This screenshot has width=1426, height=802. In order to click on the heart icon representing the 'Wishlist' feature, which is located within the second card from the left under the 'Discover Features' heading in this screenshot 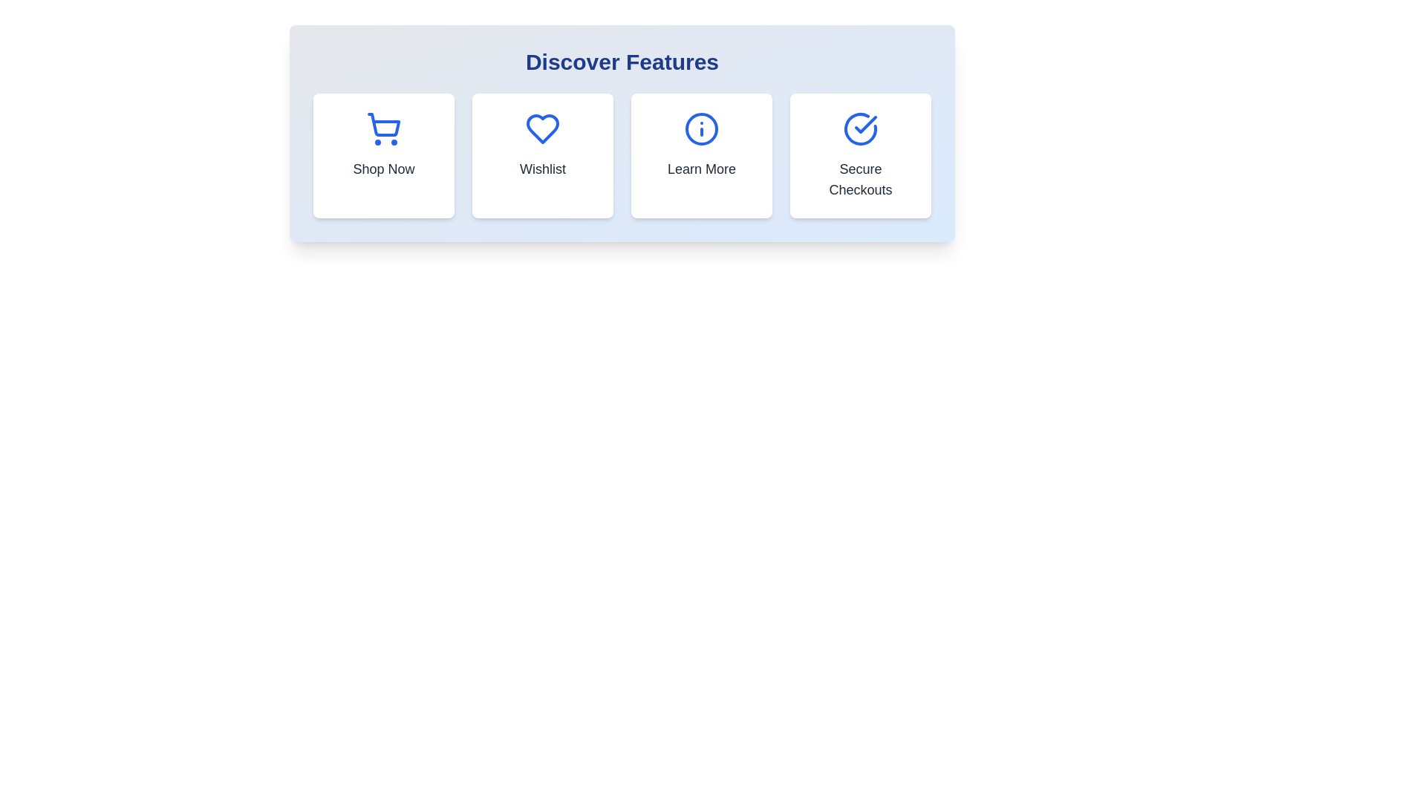, I will do `click(541, 128)`.